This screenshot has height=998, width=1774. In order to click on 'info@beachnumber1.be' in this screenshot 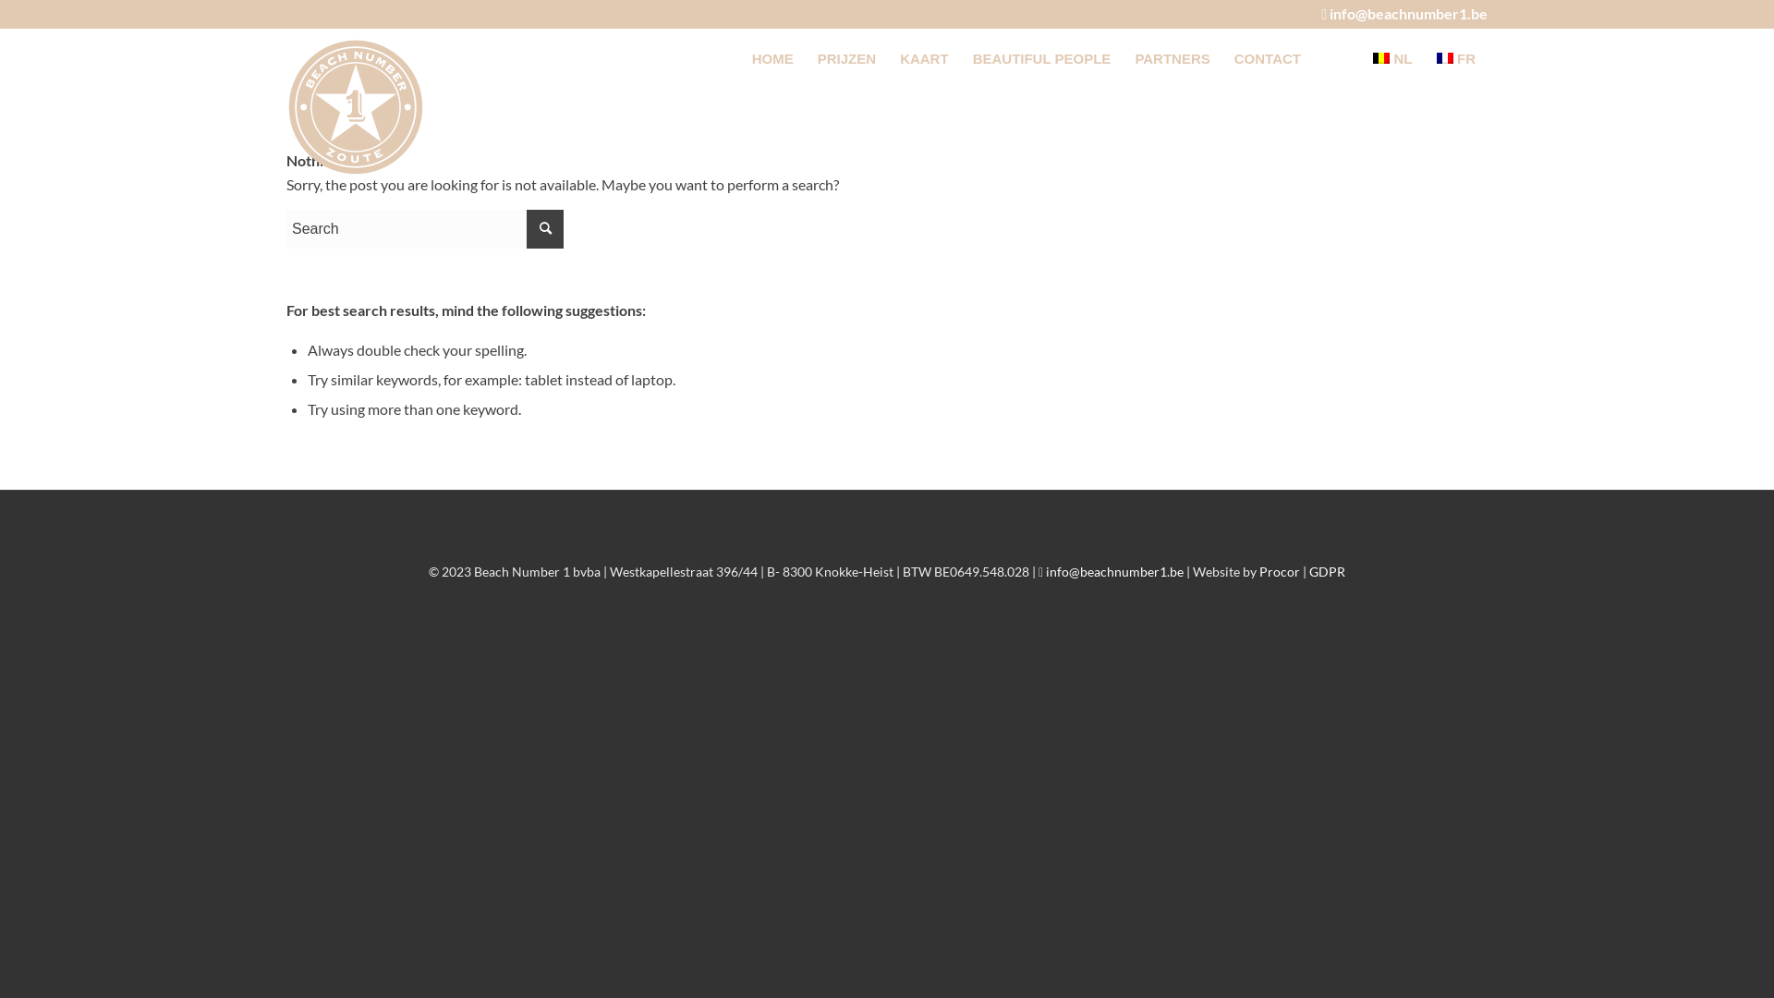, I will do `click(1407, 13)`.